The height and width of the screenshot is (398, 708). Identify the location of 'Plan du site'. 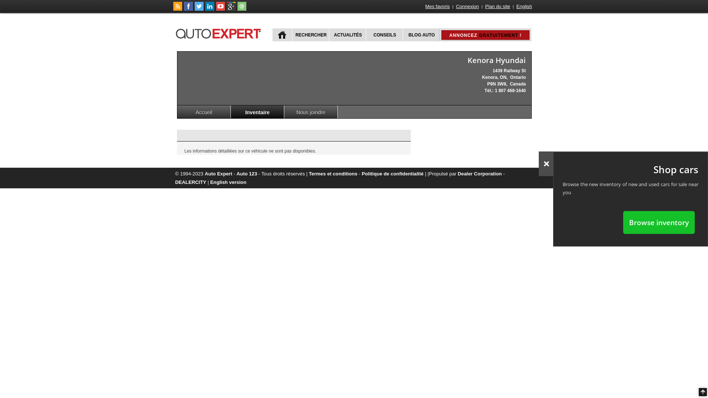
(497, 6).